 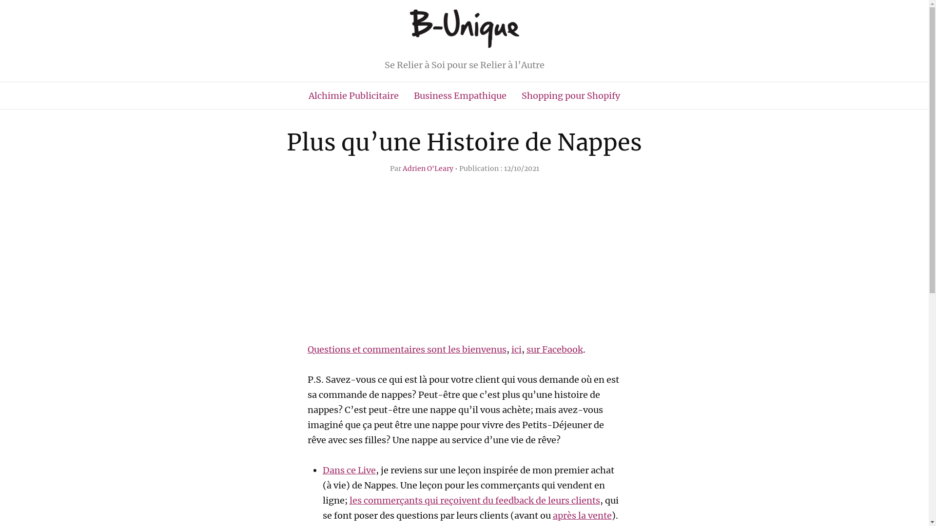 I want to click on 'Business Empathique', so click(x=460, y=95).